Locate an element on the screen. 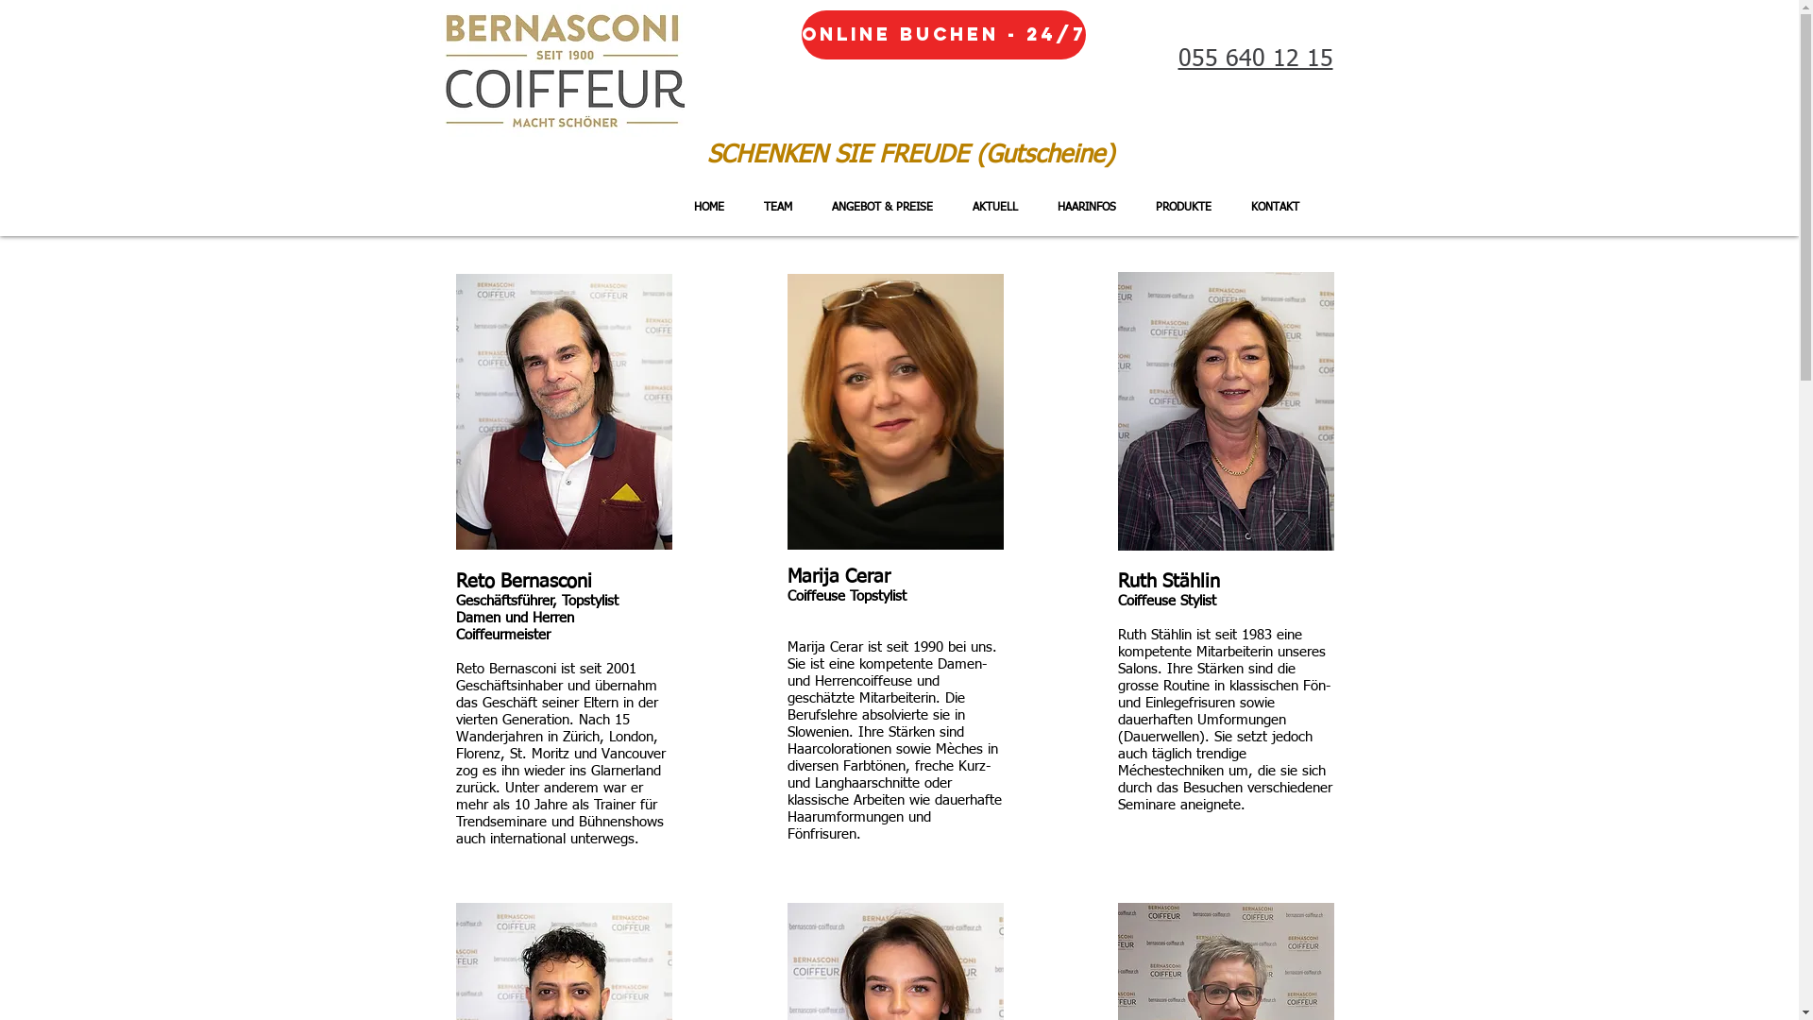 Image resolution: width=1813 pixels, height=1020 pixels. 'TEAM' is located at coordinates (742, 207).